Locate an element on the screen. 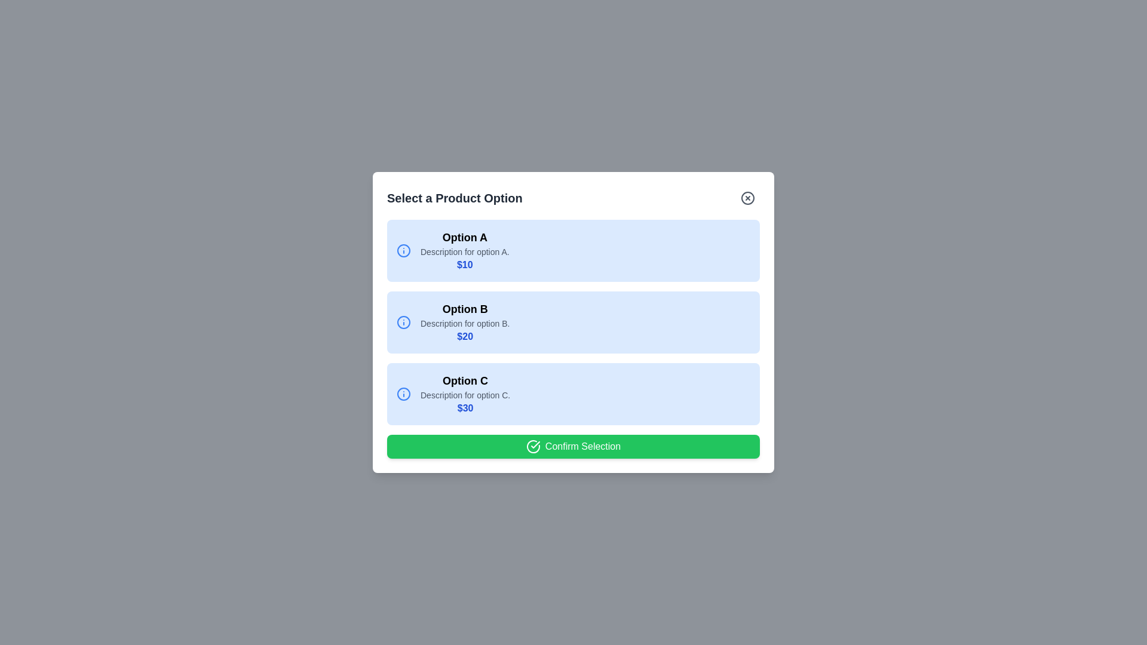  'Confirm Selection' button to confirm the selected option is located at coordinates (573, 447).